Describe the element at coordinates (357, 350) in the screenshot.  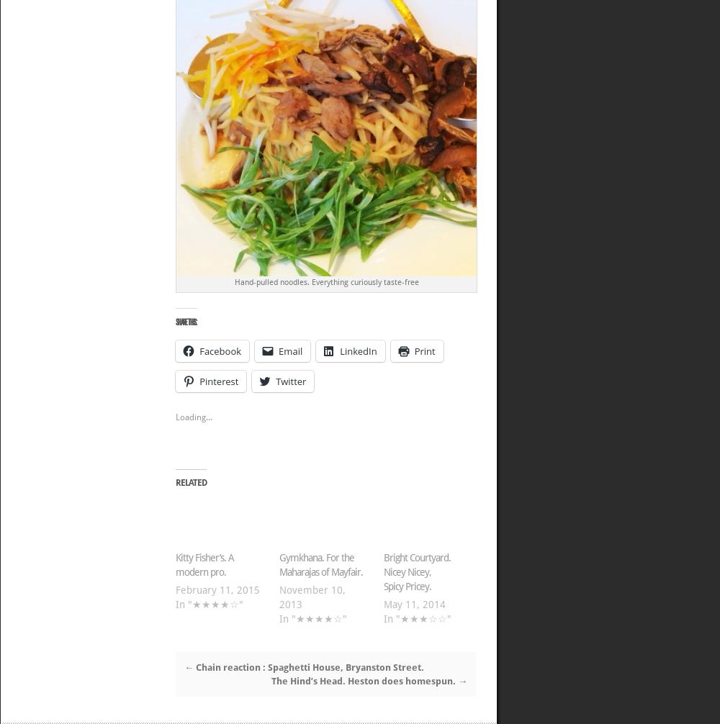
I see `'LinkedIn'` at that location.